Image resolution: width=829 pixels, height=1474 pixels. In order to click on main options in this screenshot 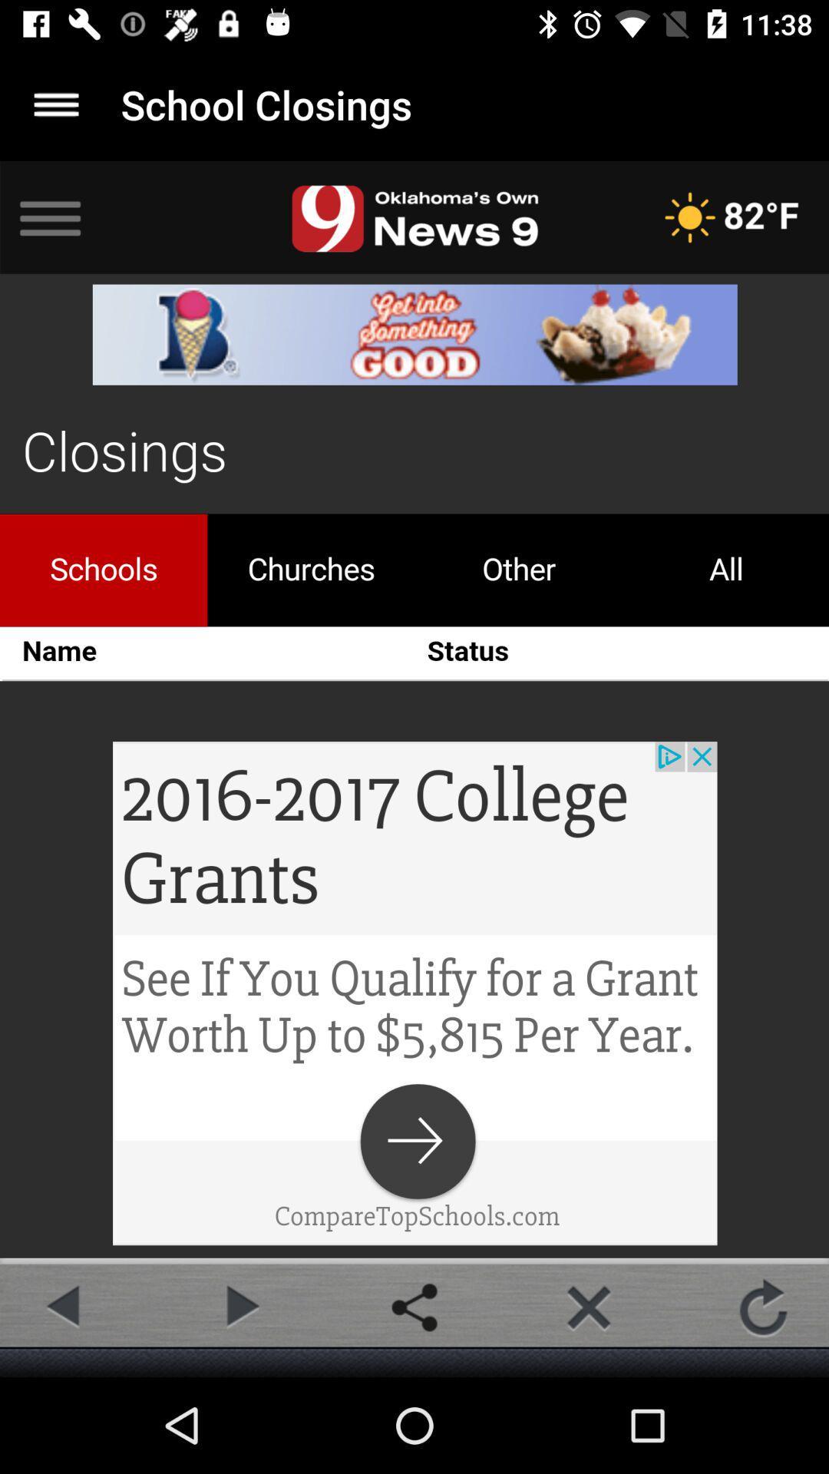, I will do `click(55, 104)`.